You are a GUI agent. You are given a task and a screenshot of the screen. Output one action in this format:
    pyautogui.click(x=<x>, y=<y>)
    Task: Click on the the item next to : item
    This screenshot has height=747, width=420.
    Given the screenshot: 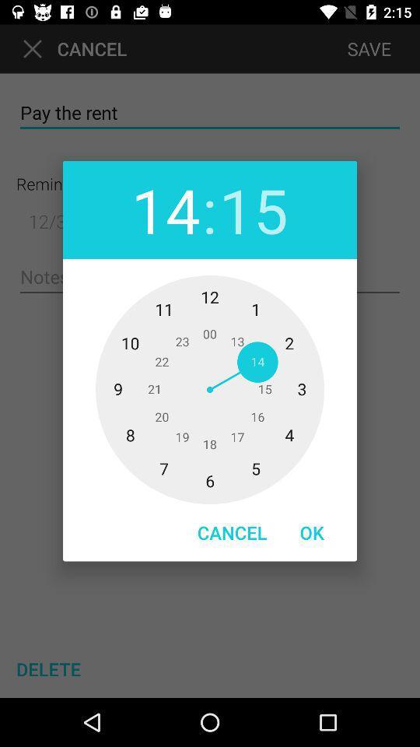 What is the action you would take?
    pyautogui.click(x=254, y=209)
    